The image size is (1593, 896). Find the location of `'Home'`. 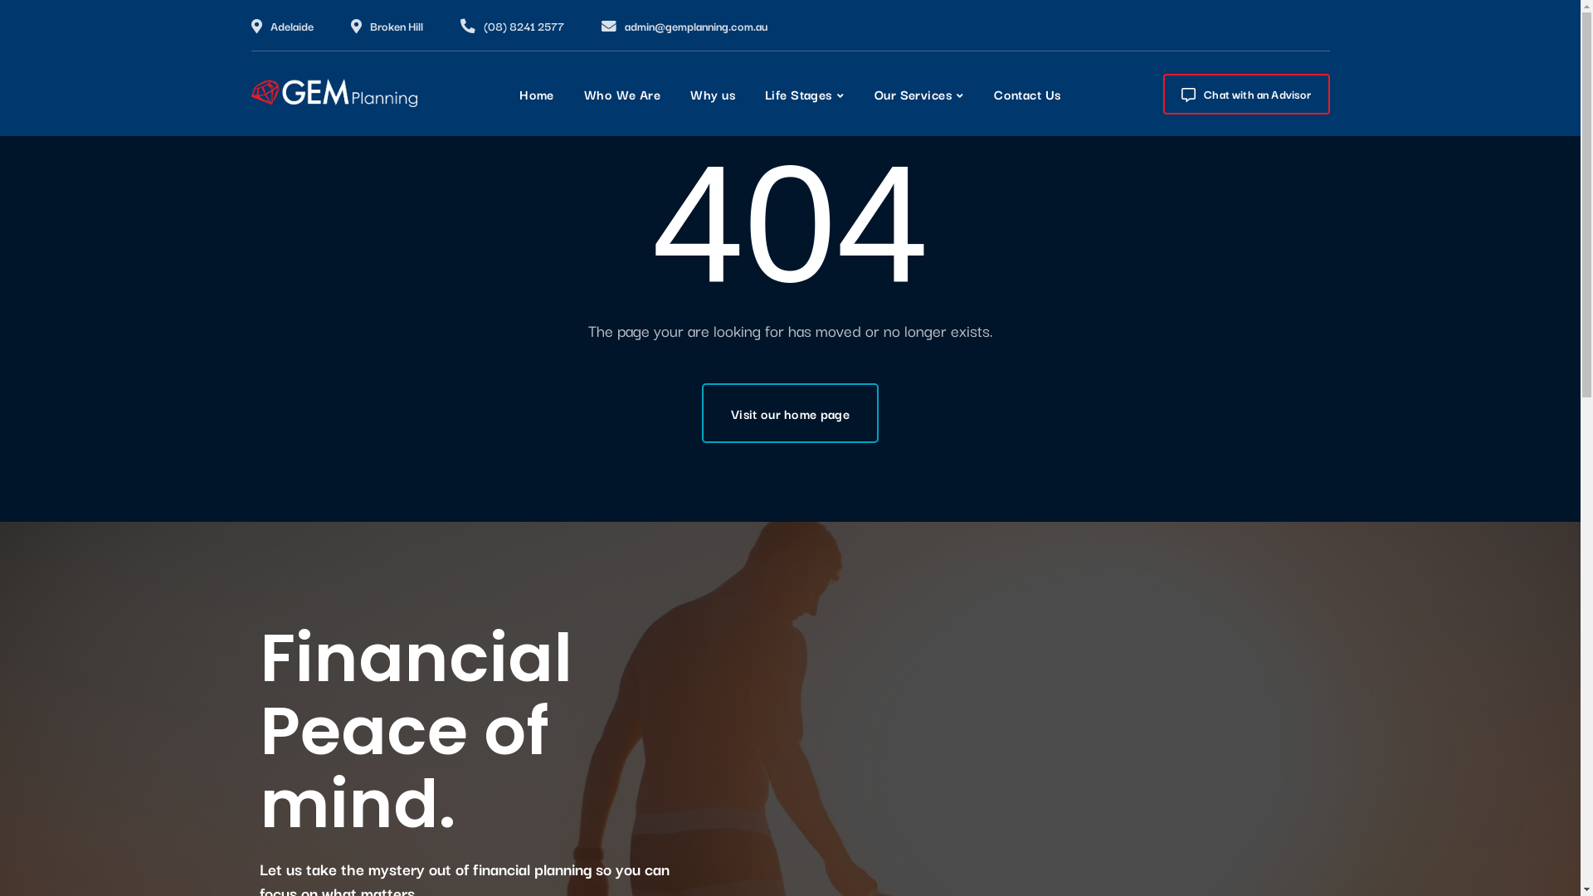

'Home' is located at coordinates (504, 93).